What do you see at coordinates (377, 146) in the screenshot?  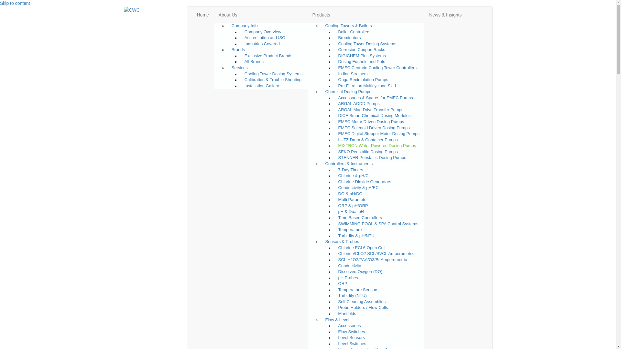 I see `'MIXTRON Water Powered Dosing Pumps'` at bounding box center [377, 146].